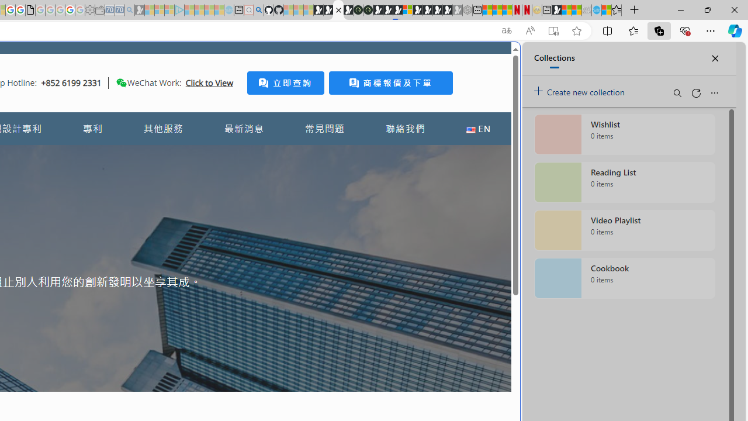  Describe the element at coordinates (408, 10) in the screenshot. I see `'Sign in to your account'` at that location.